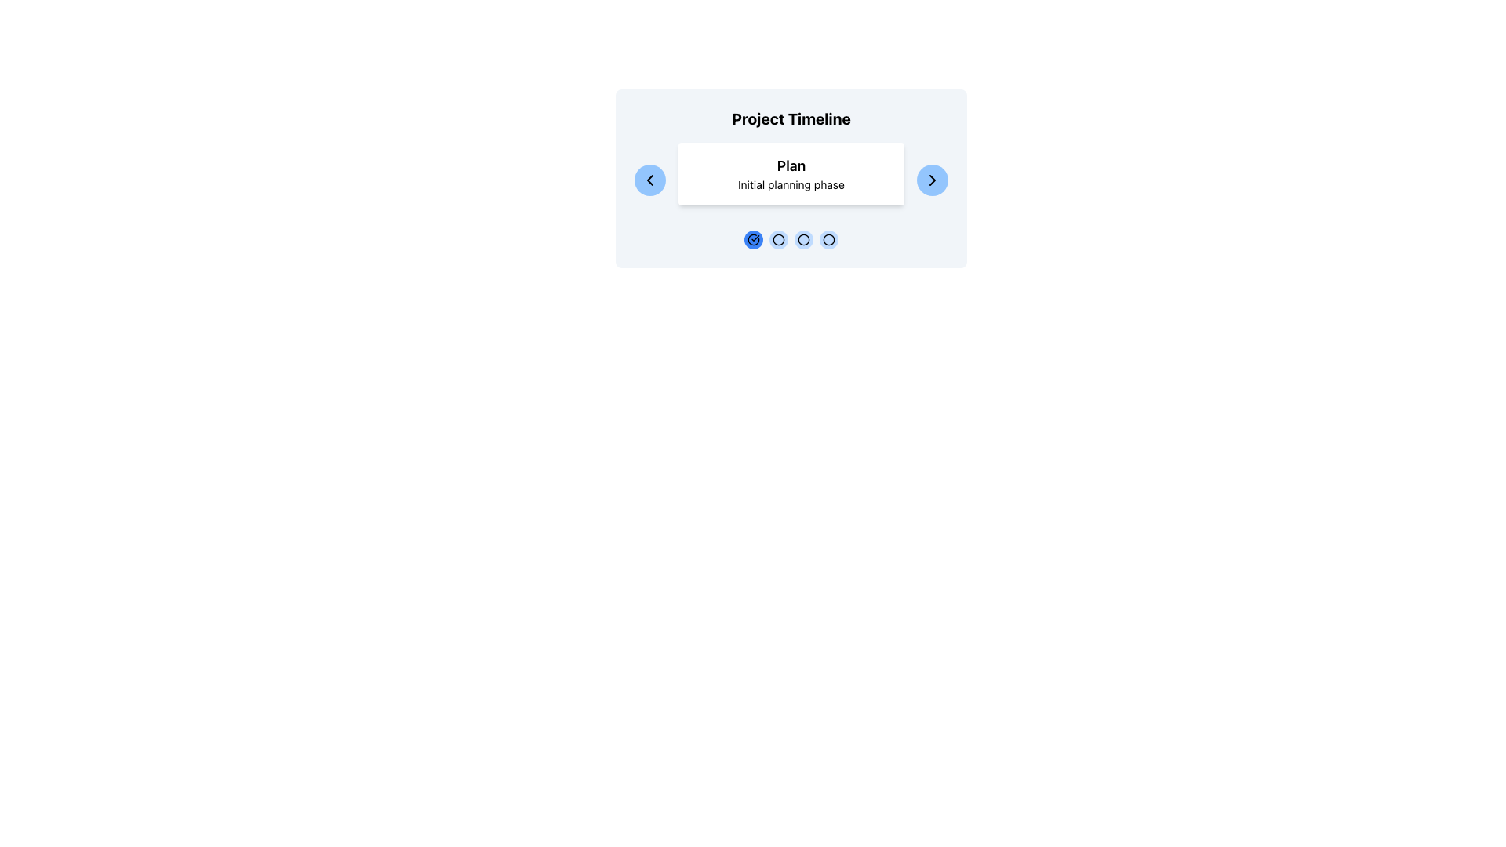 The image size is (1506, 847). What do you see at coordinates (791, 239) in the screenshot?
I see `the circular button representing the current stage in the Project Timeline navigation bar` at bounding box center [791, 239].